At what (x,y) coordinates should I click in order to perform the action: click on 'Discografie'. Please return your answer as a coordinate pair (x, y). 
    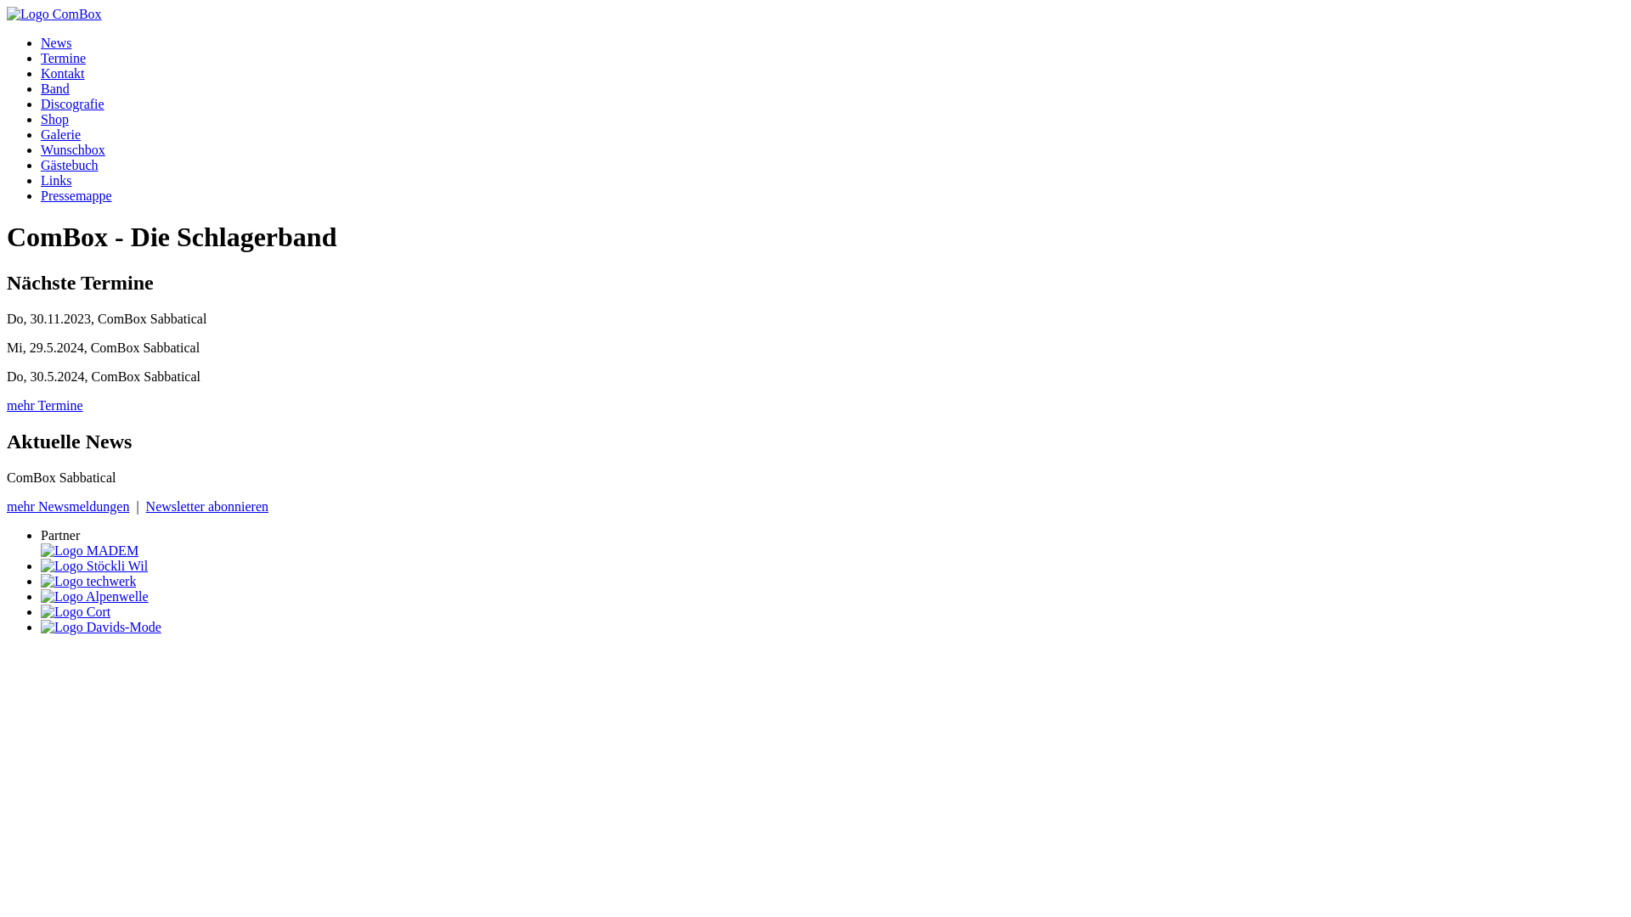
    Looking at the image, I should click on (71, 104).